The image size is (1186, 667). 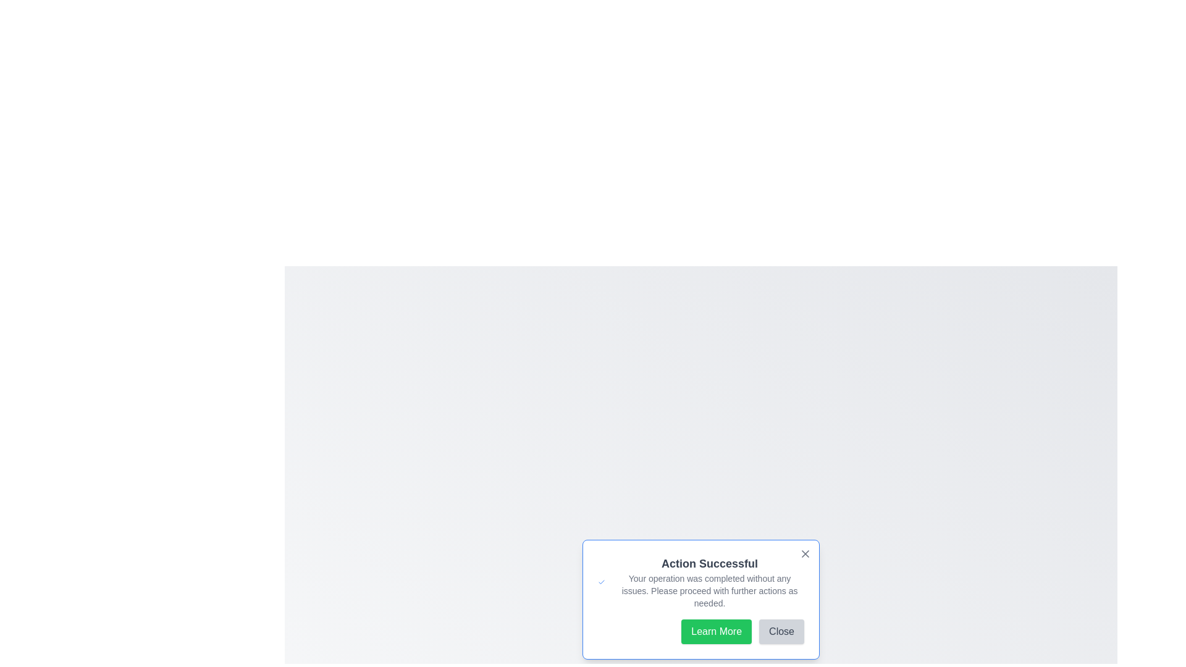 What do you see at coordinates (805, 553) in the screenshot?
I see `the 'X' button at the top-right corner of the alert to close it` at bounding box center [805, 553].